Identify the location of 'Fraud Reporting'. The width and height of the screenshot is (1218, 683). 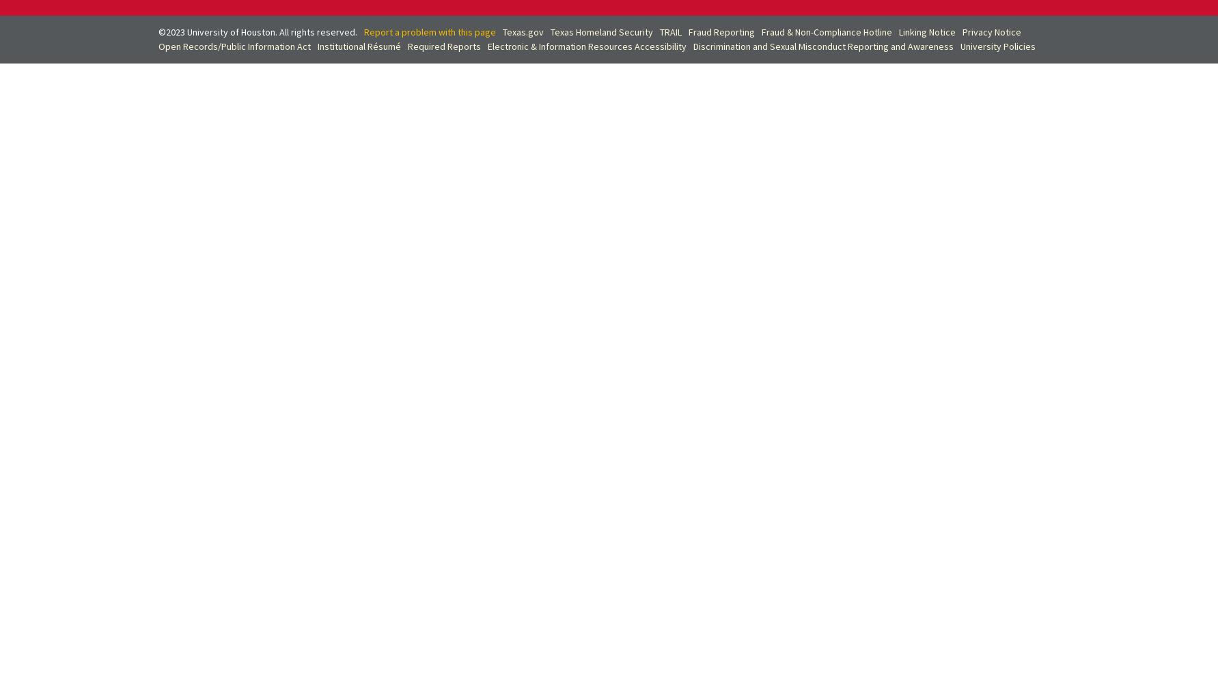
(688, 31).